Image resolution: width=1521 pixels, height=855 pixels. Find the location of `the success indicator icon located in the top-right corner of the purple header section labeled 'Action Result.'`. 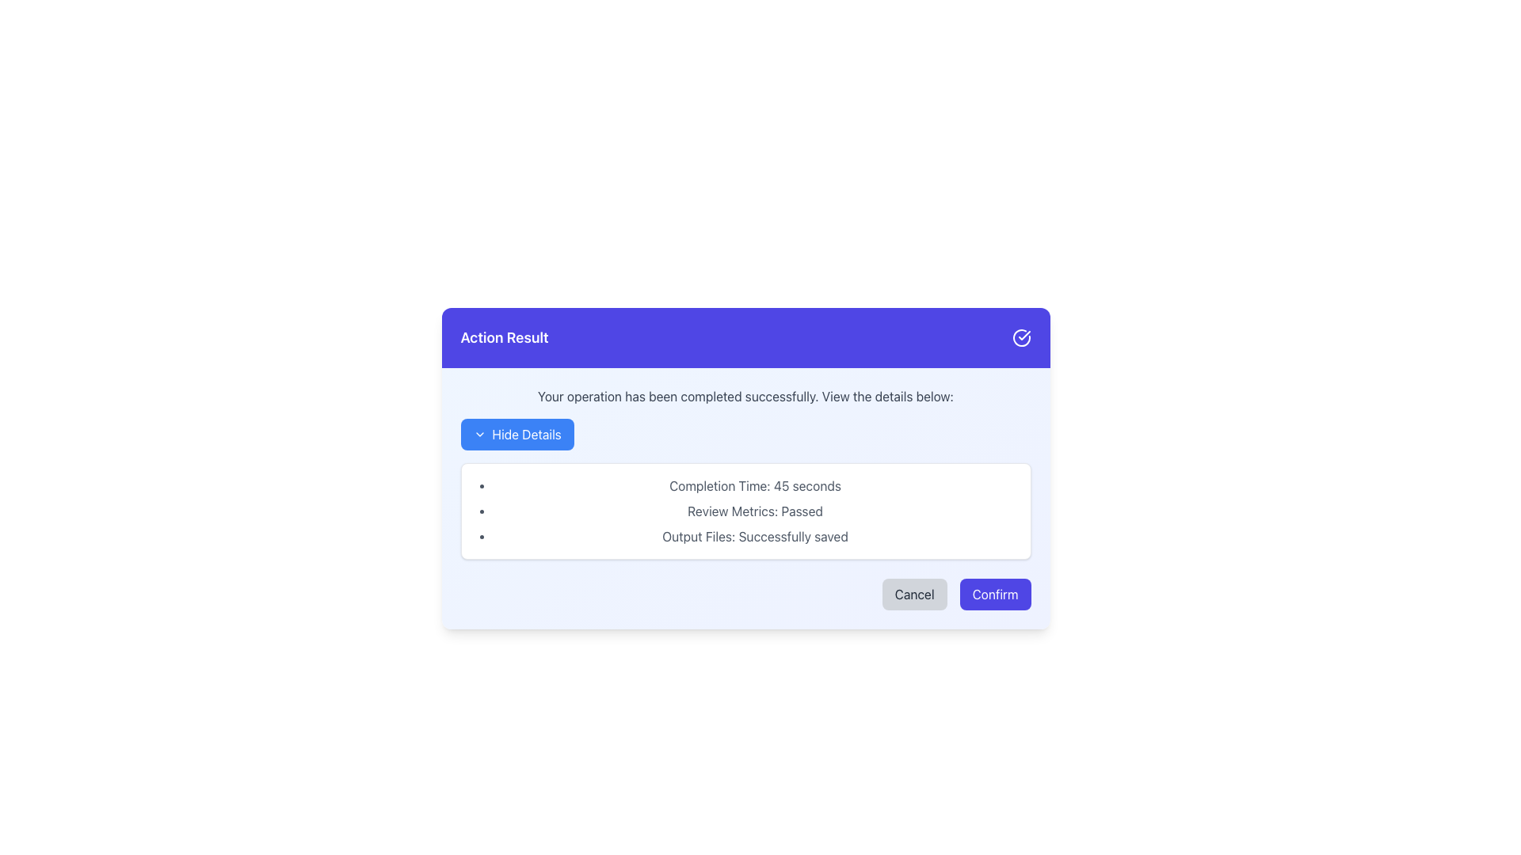

the success indicator icon located in the top-right corner of the purple header section labeled 'Action Result.' is located at coordinates (1021, 337).